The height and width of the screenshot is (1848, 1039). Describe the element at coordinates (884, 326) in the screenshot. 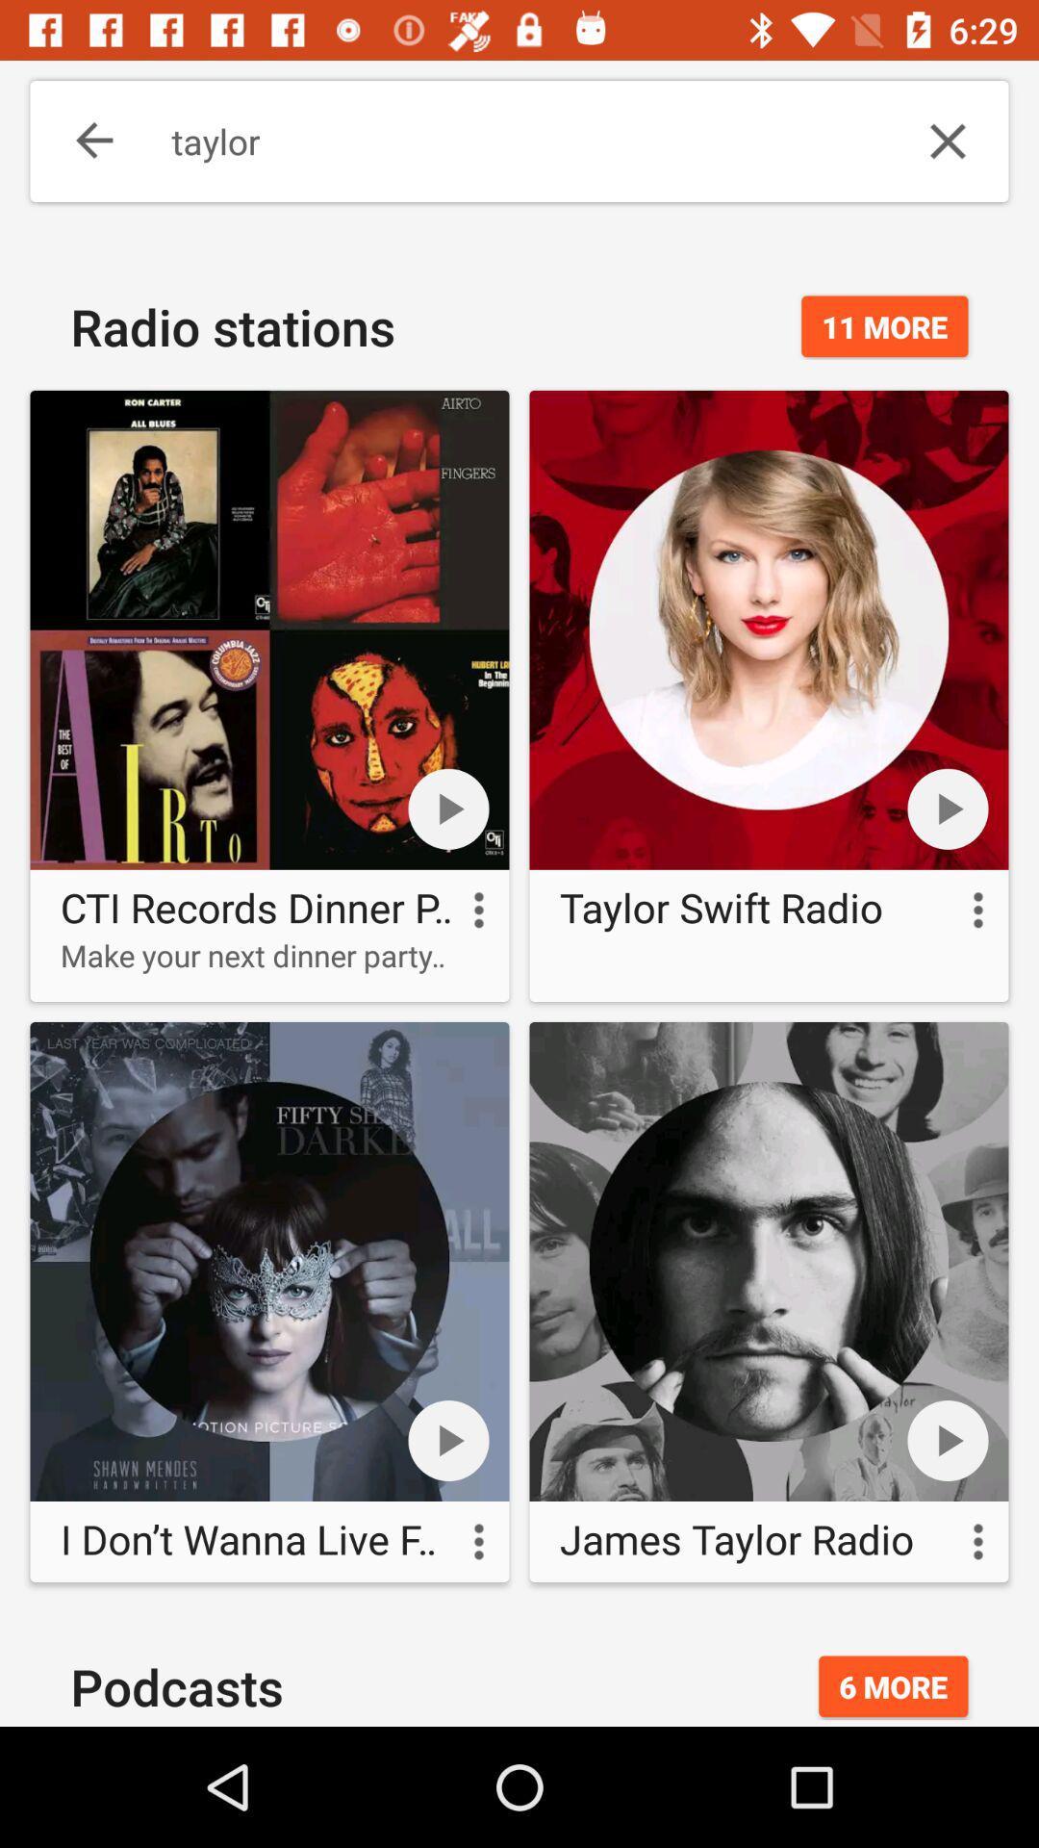

I see `the icon next to radio stations` at that location.